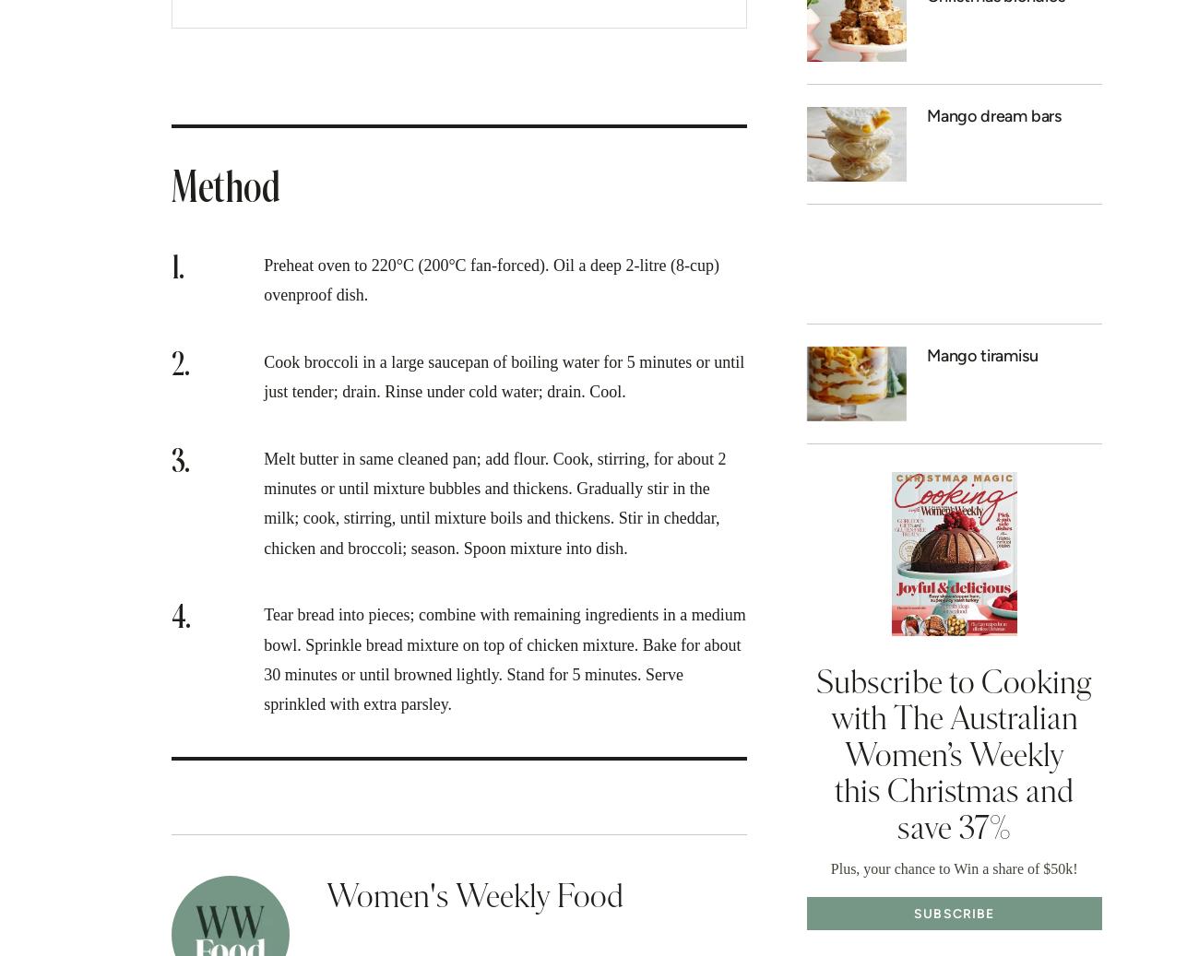  I want to click on 'Method', so click(172, 188).